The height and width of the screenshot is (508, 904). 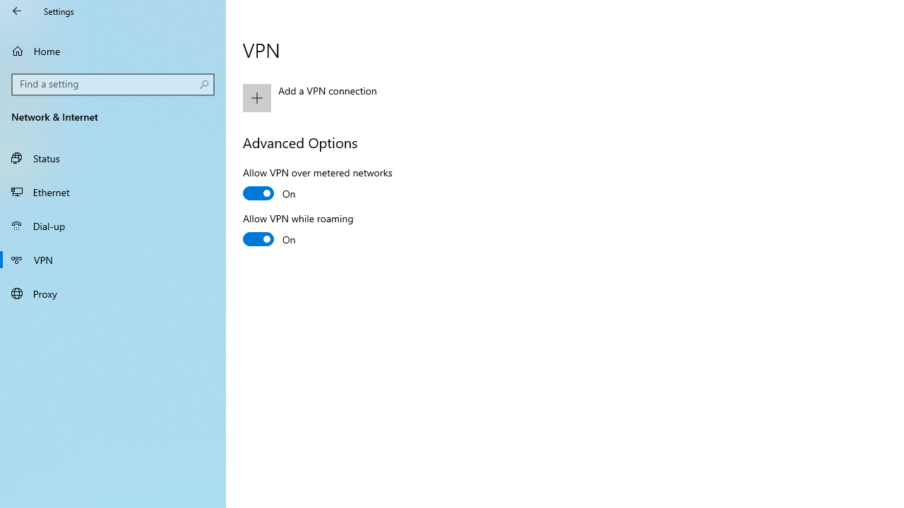 What do you see at coordinates (113, 191) in the screenshot?
I see `'Ethernet'` at bounding box center [113, 191].